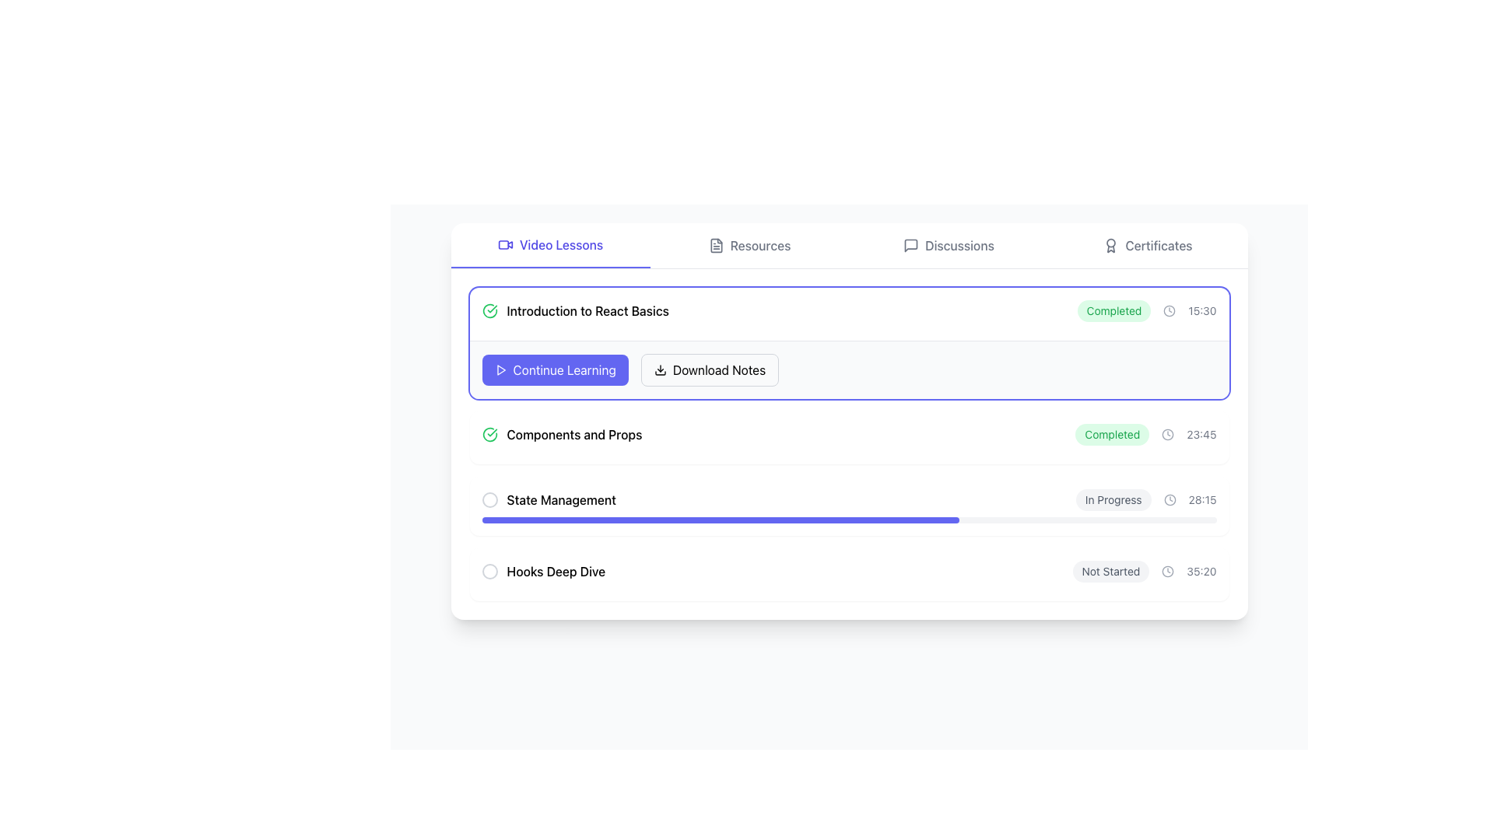  What do you see at coordinates (489, 500) in the screenshot?
I see `the progress indicator located to the left of the 'State Management' text to track the status of the lesson` at bounding box center [489, 500].